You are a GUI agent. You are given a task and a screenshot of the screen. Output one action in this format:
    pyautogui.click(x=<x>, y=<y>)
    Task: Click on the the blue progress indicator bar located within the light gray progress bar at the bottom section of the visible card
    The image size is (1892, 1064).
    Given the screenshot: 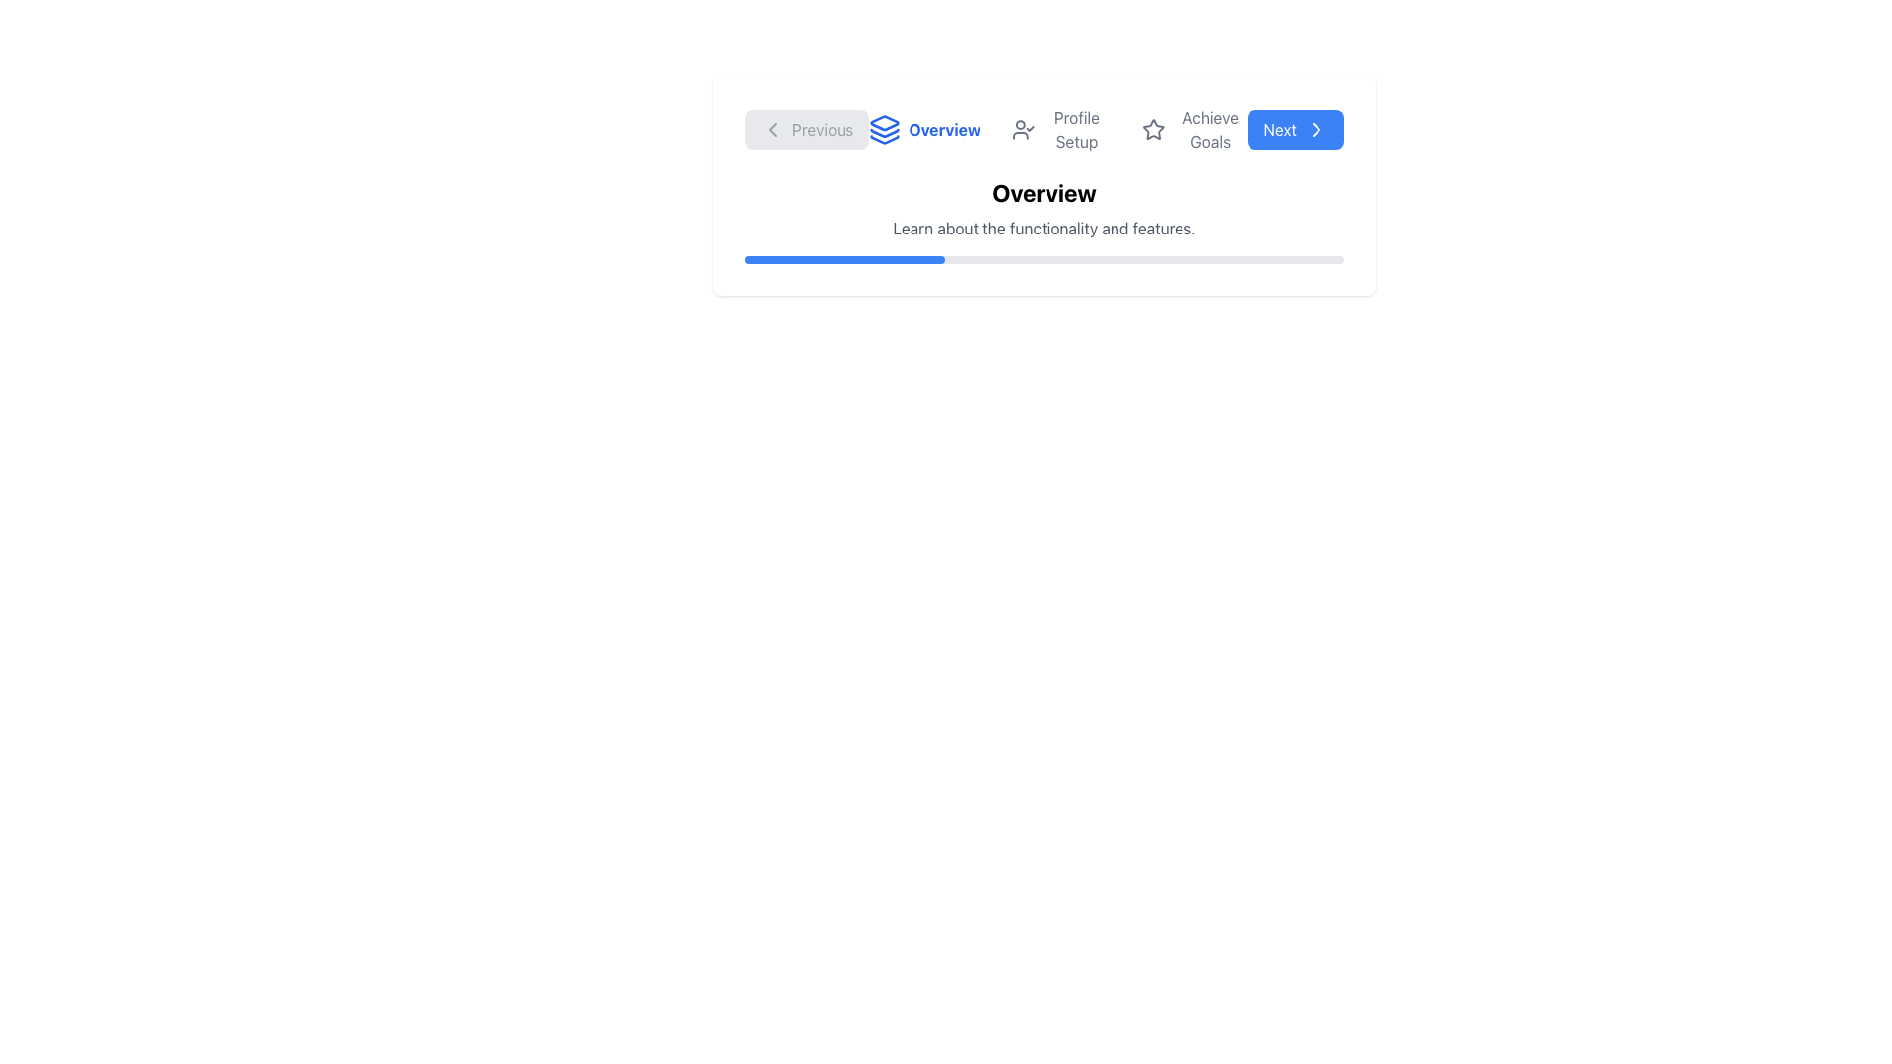 What is the action you would take?
    pyautogui.click(x=845, y=258)
    